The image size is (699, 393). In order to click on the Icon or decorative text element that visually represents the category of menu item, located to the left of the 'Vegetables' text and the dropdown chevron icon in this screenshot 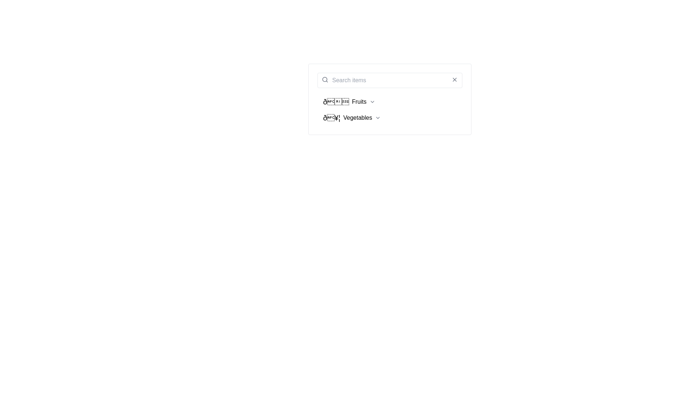, I will do `click(331, 118)`.